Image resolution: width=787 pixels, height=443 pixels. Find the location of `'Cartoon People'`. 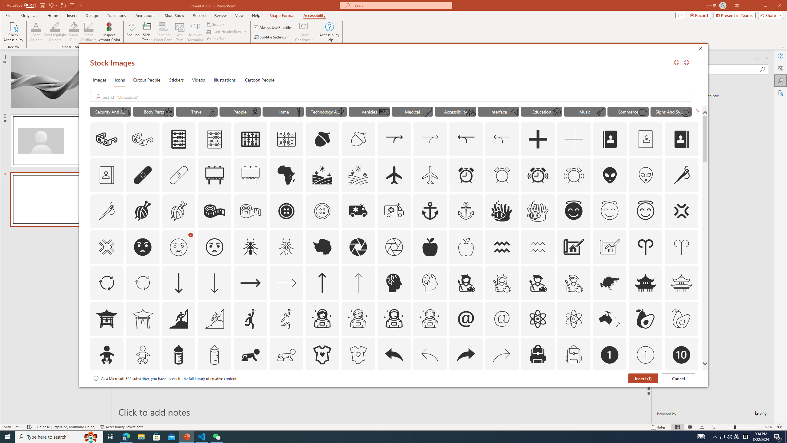

'Cartoon People' is located at coordinates (259, 79).